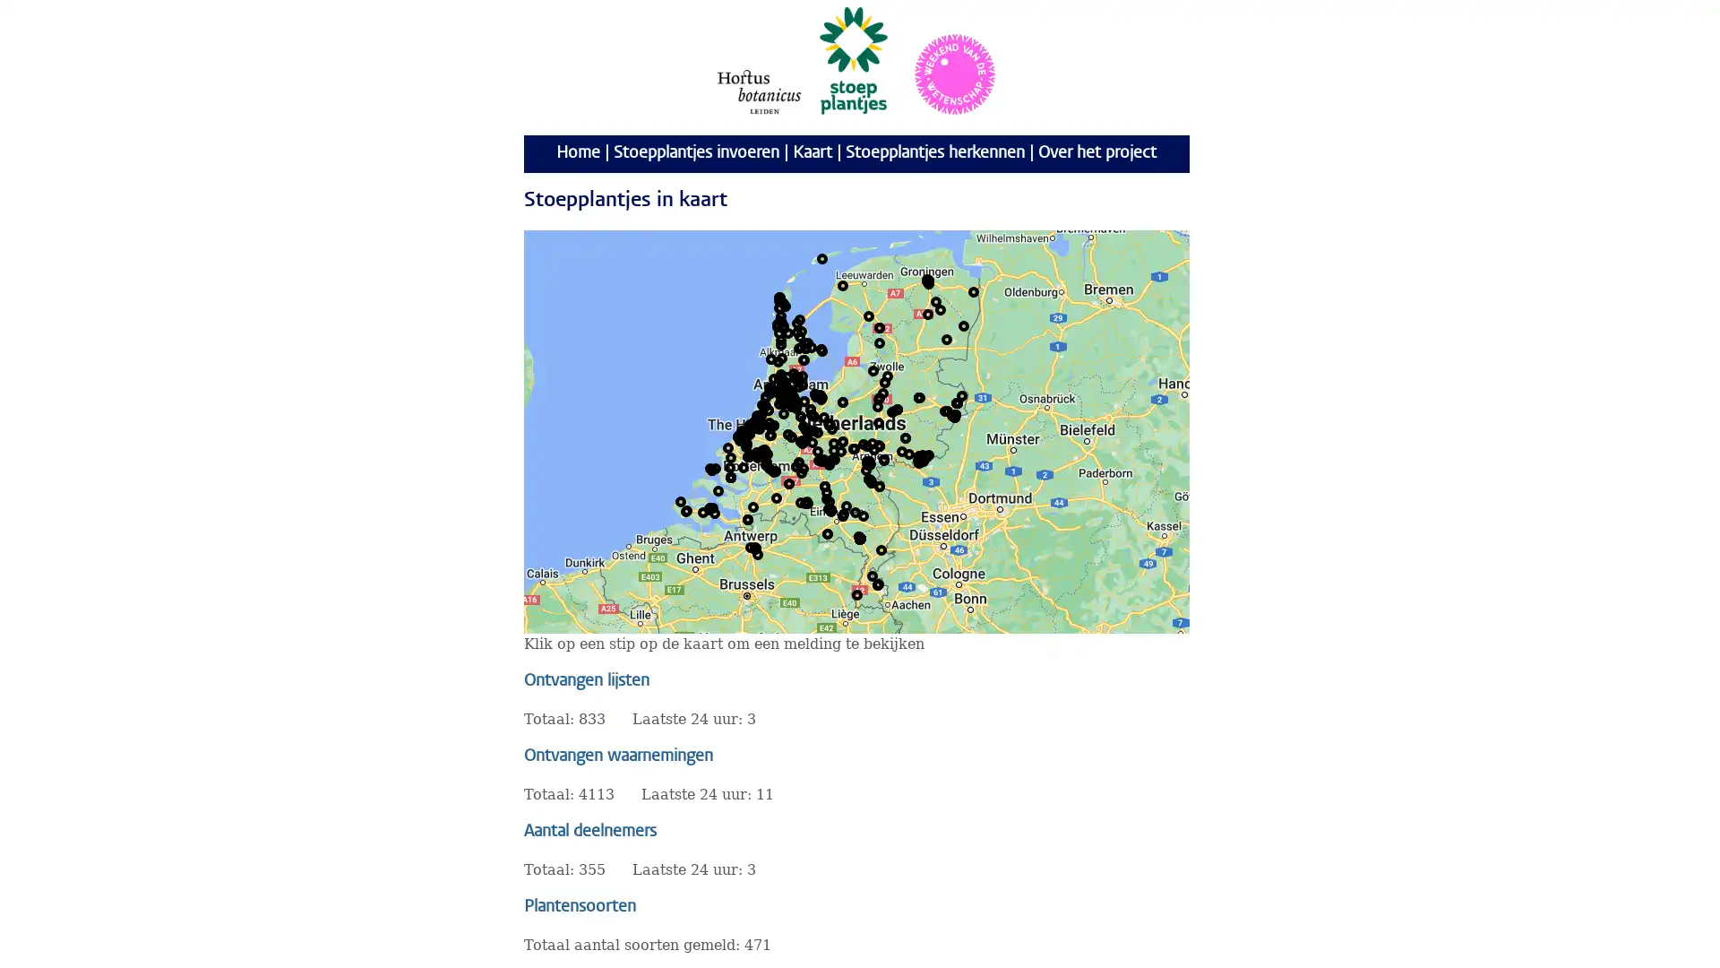  What do you see at coordinates (784, 397) in the screenshot?
I see `Telling van op 19 januari 2022` at bounding box center [784, 397].